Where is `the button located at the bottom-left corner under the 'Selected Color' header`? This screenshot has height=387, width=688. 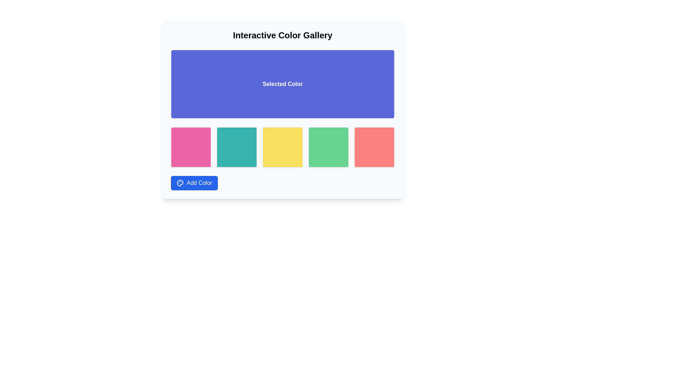 the button located at the bottom-left corner under the 'Selected Color' header is located at coordinates (194, 182).